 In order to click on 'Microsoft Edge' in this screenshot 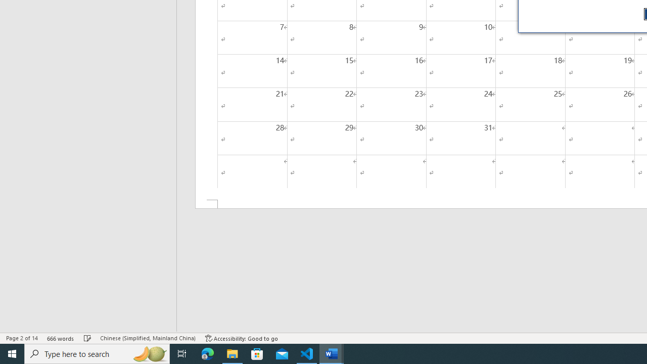, I will do `click(207, 353)`.